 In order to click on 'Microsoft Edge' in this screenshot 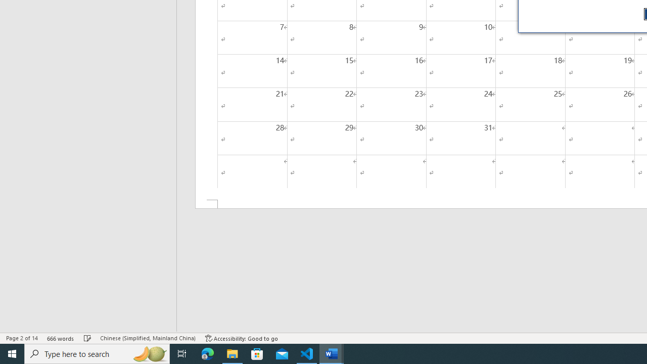, I will do `click(207, 353)`.